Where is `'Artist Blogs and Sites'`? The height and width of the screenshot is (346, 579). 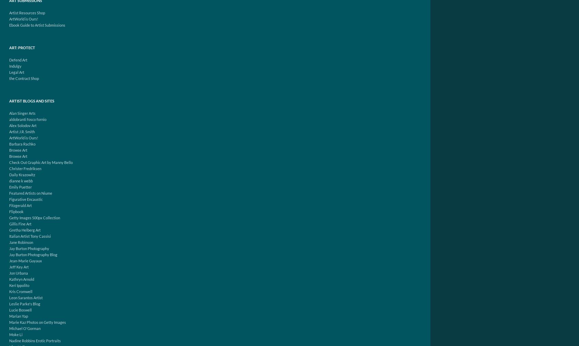 'Artist Blogs and Sites' is located at coordinates (31, 100).